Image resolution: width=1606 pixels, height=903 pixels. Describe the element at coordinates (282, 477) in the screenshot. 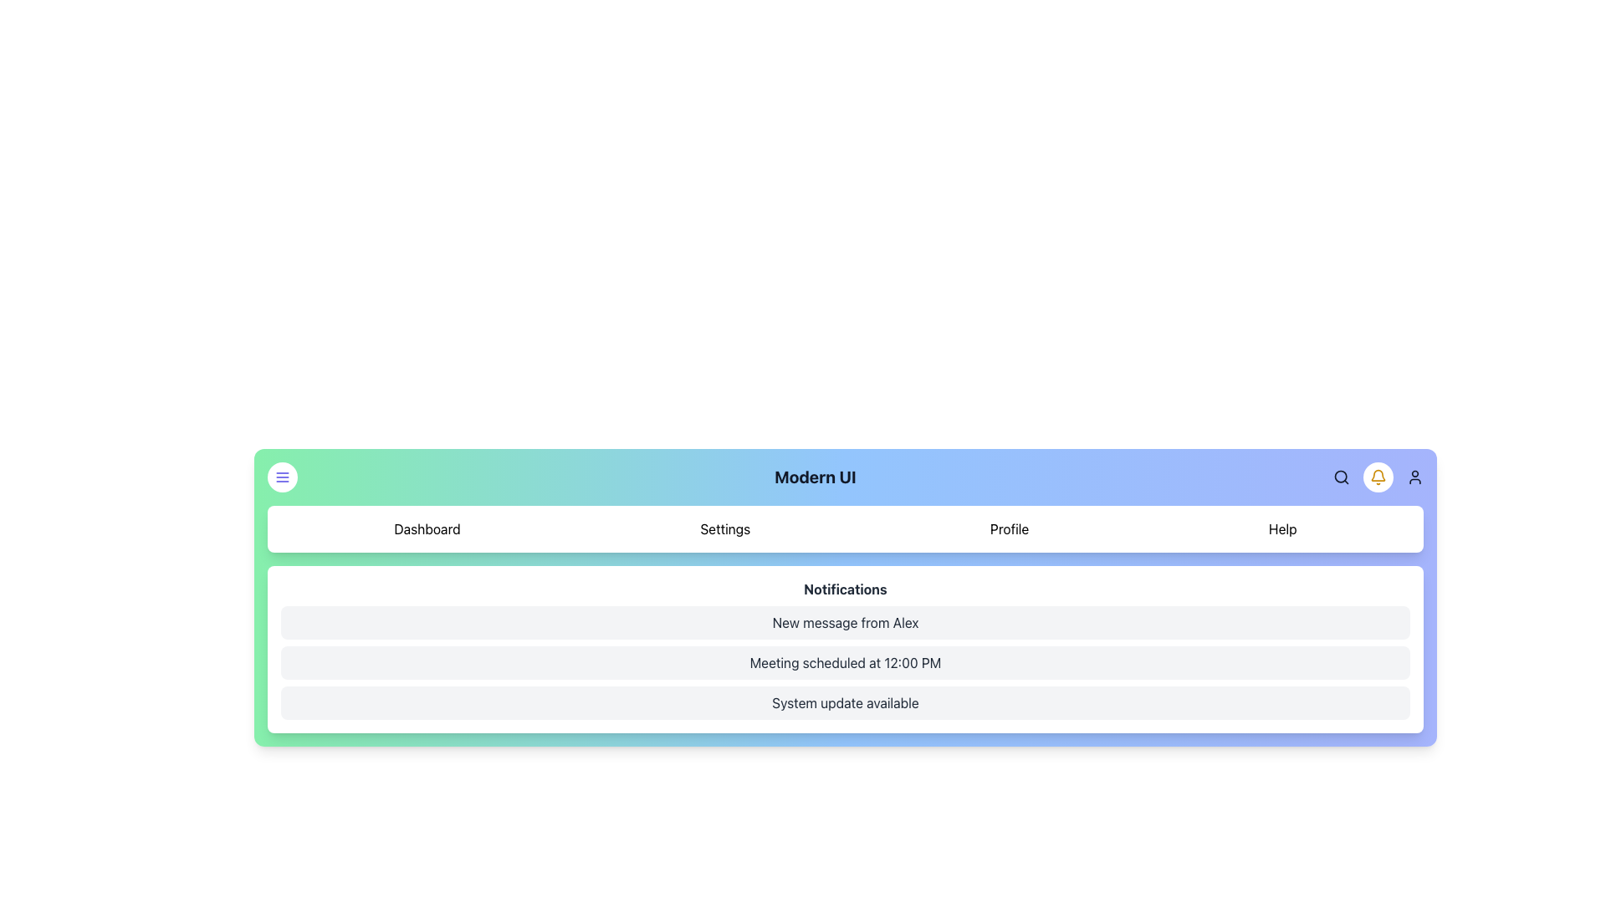

I see `the menu icon located in the top-left corner of the header bar to trigger the hover effect` at that location.